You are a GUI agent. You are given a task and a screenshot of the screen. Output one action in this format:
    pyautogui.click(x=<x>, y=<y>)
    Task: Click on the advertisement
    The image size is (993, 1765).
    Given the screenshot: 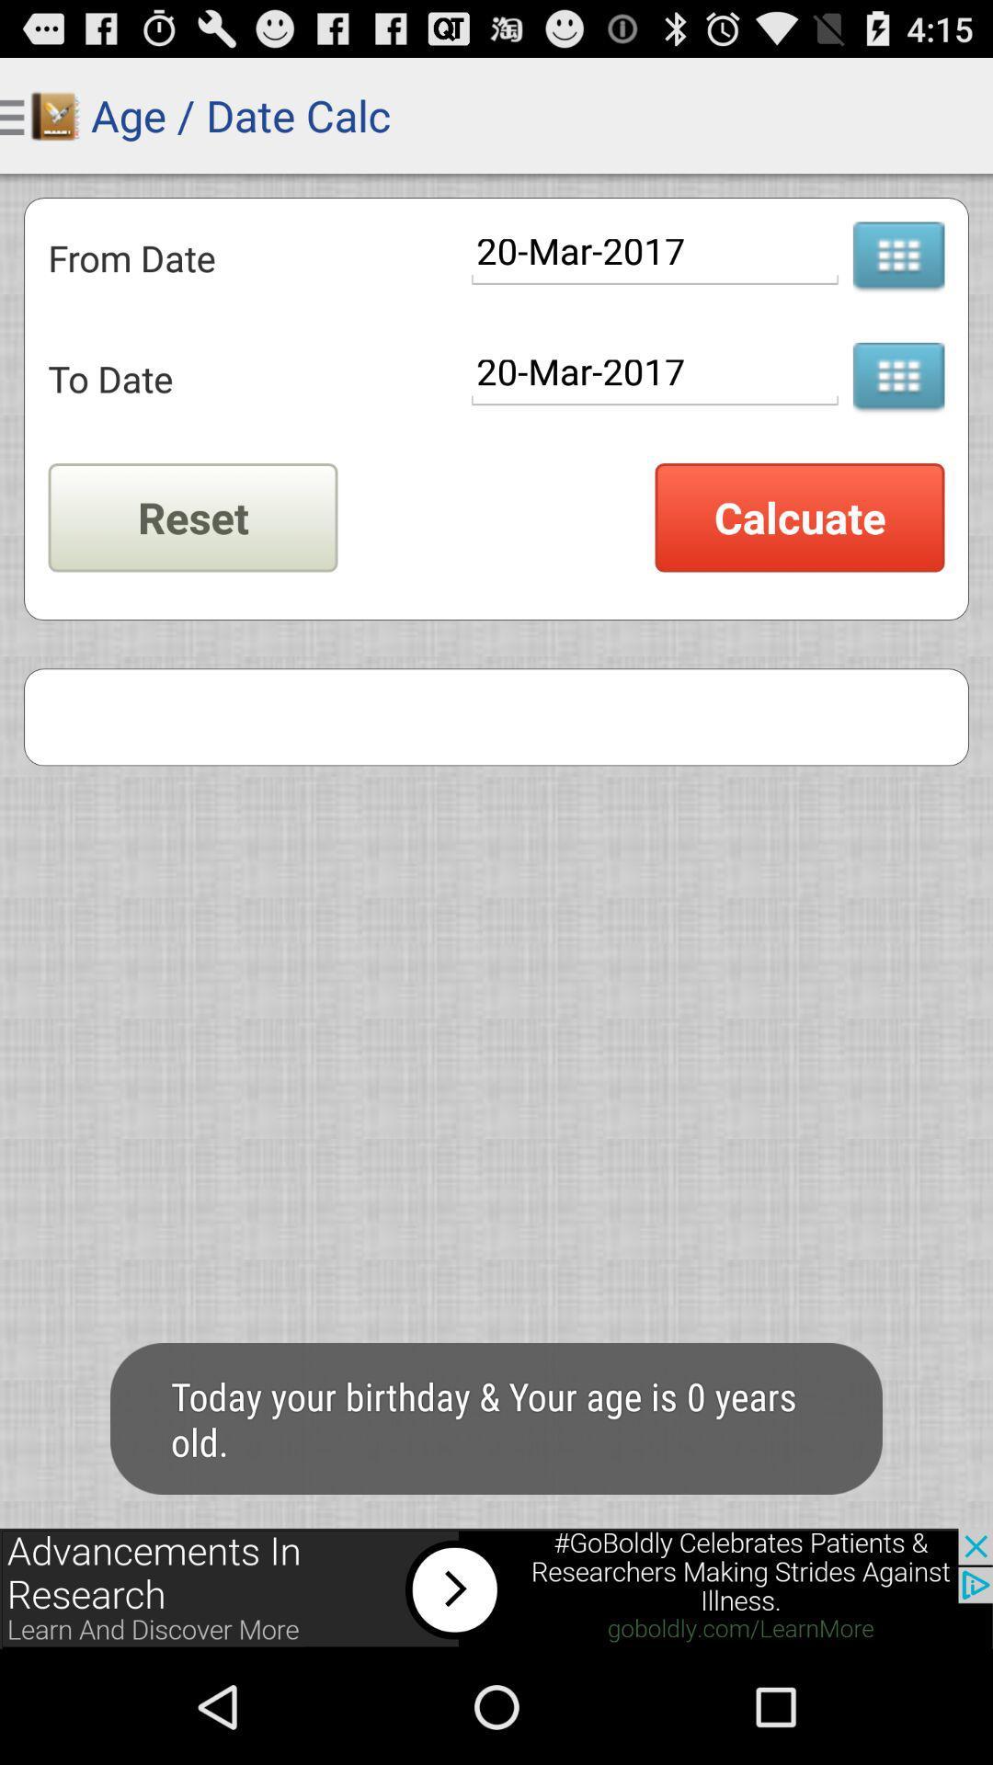 What is the action you would take?
    pyautogui.click(x=496, y=1588)
    